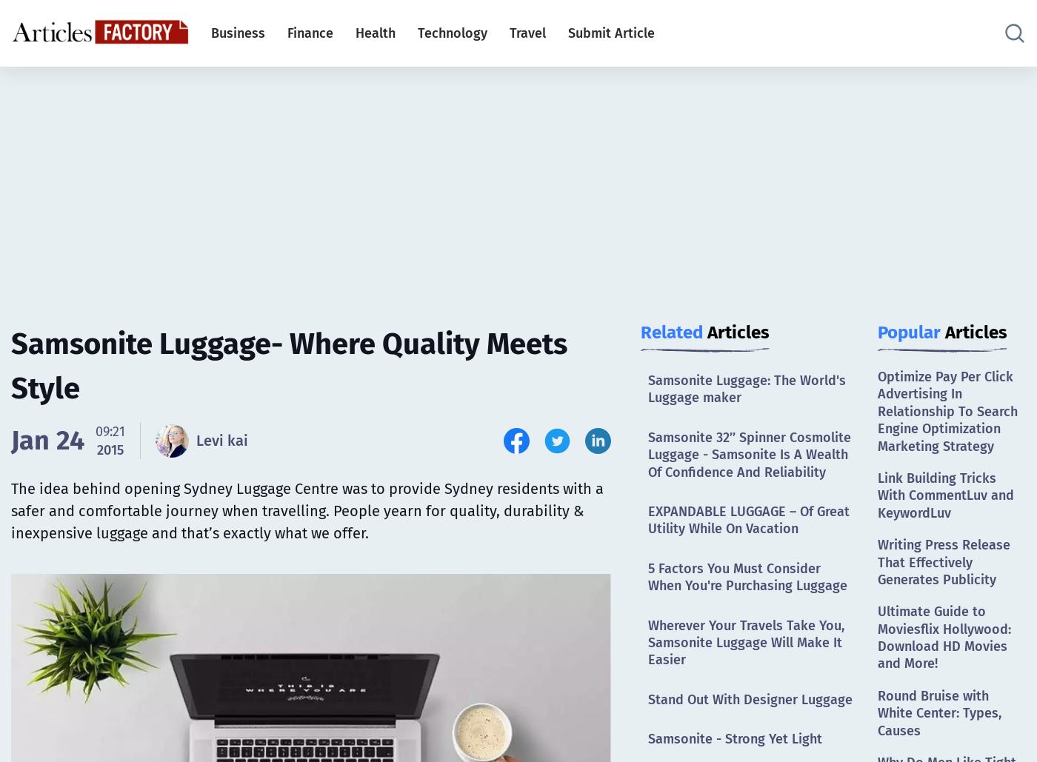 This screenshot has width=1037, height=762. What do you see at coordinates (611, 33) in the screenshot?
I see `'Submit Article'` at bounding box center [611, 33].